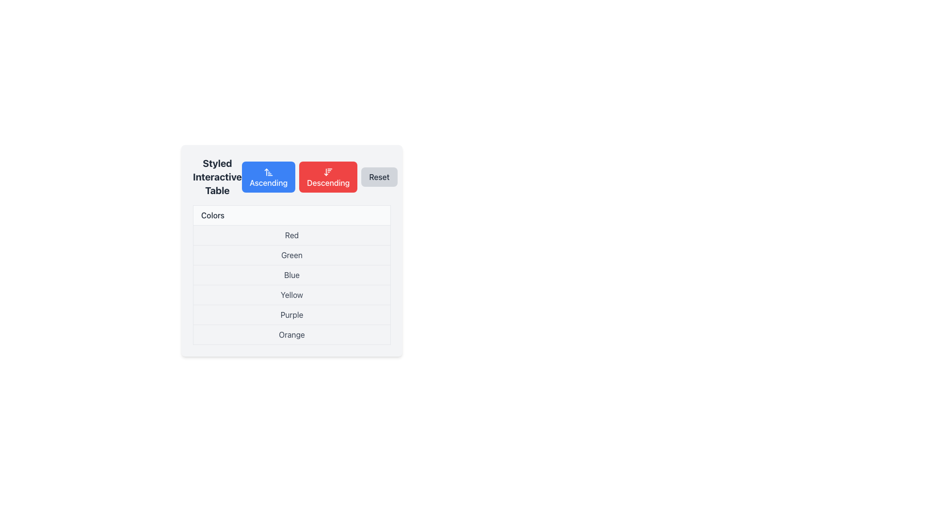 The width and height of the screenshot is (931, 524). What do you see at coordinates (291, 254) in the screenshot?
I see `the second row in the 'Colors' list, which contains the text 'Green'` at bounding box center [291, 254].